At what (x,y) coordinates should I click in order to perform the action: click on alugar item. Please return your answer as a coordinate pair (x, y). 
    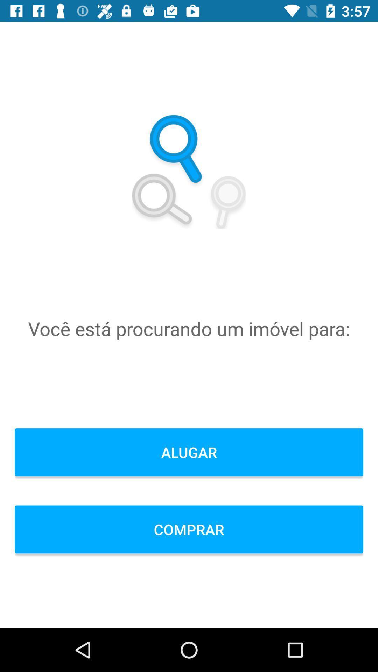
    Looking at the image, I should click on (189, 452).